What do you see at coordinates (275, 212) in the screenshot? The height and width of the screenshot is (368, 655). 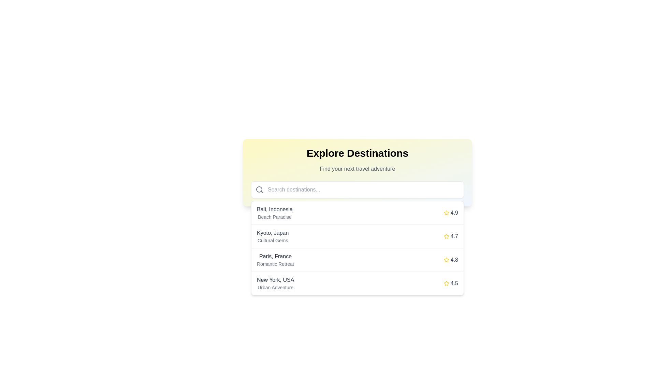 I see `information displayed in the first entry of the 'Explore Destinations' list, which includes the title and subtitle of a travel destination` at bounding box center [275, 212].